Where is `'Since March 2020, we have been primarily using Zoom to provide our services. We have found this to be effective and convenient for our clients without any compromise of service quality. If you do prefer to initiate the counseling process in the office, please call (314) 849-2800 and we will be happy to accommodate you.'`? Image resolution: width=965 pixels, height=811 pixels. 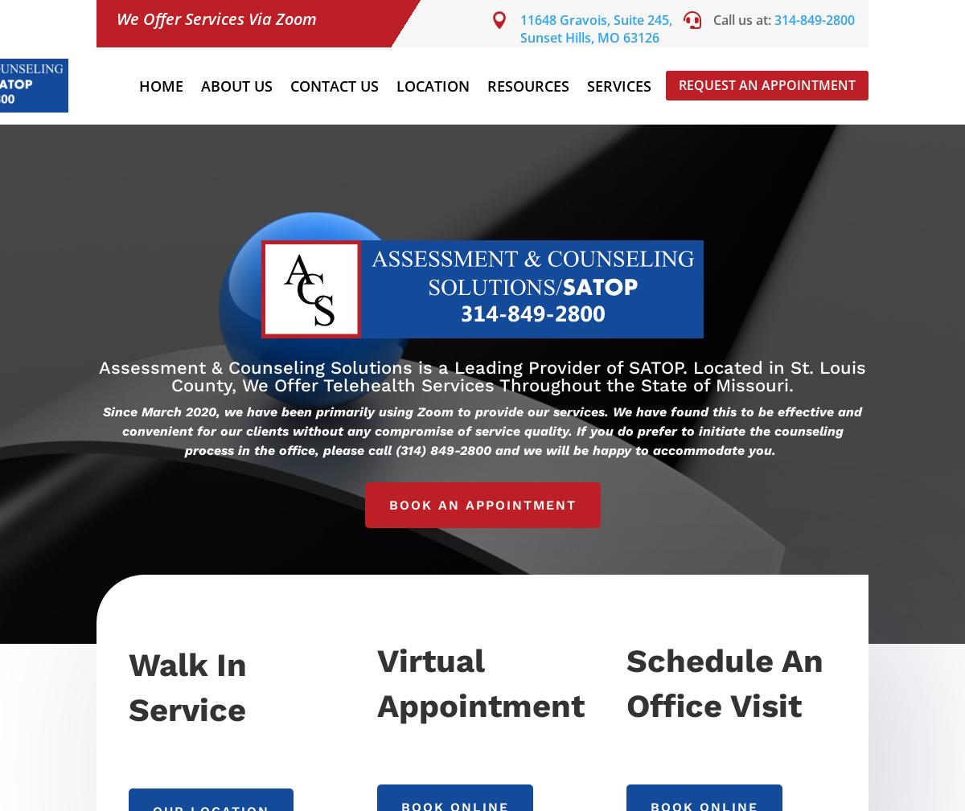
'Since March 2020, we have been primarily using Zoom to provide our services. We have found this to be effective and convenient for our clients without any compromise of service quality. If you do prefer to initiate the counseling process in the office, please call (314) 849-2800 and we will be happy to accommodate you.' is located at coordinates (482, 431).